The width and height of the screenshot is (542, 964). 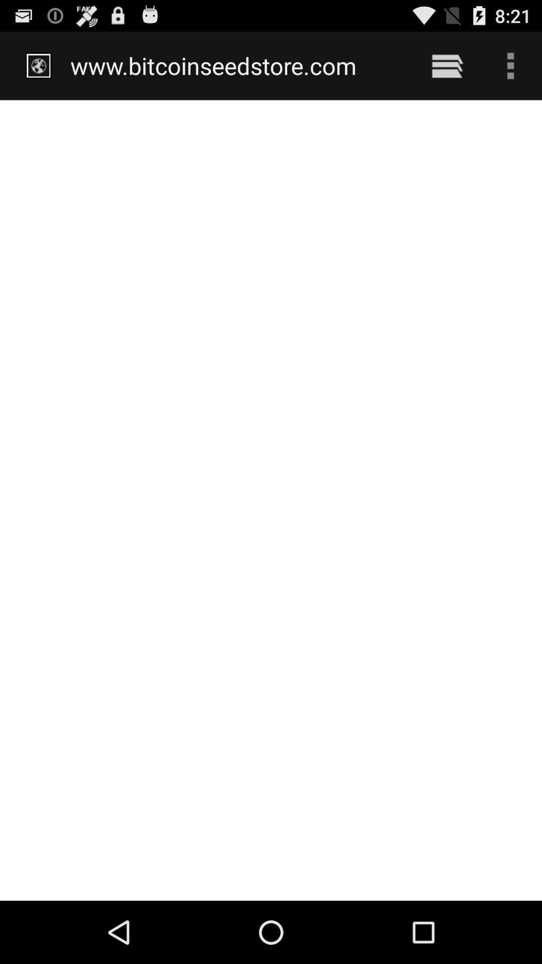 I want to click on the www.bitcoinseedstore.com, so click(x=237, y=65).